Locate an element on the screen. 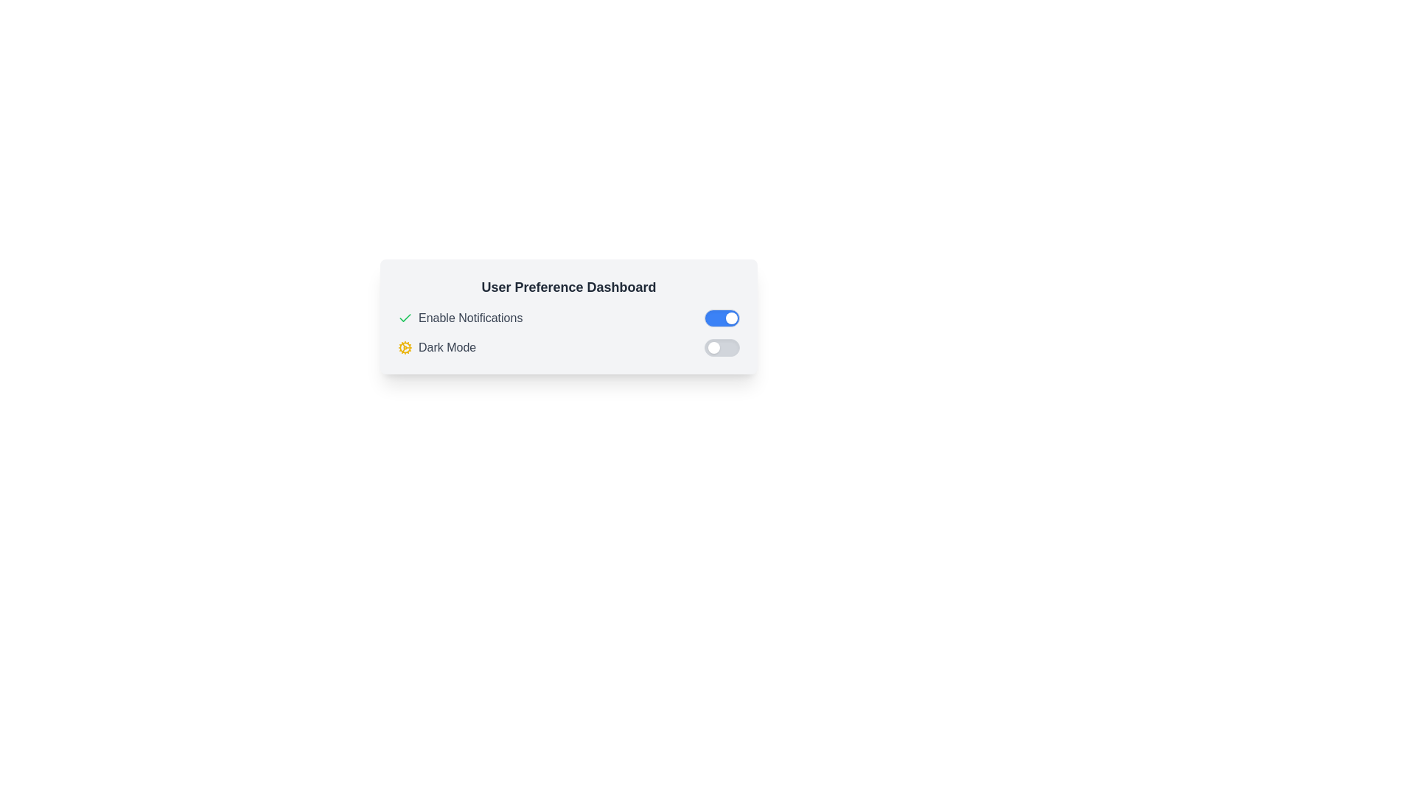  the icon indicating the activation state of the 'Enable Notifications' setting, located to the left of the text in the 'User Preference Dashboard' is located at coordinates (405, 317).